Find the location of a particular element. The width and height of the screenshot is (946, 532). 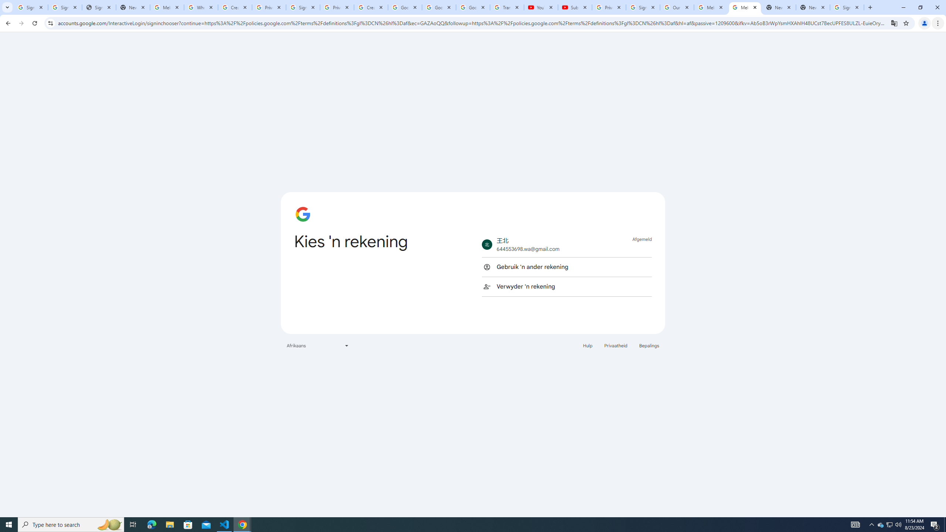

'Bepalings' is located at coordinates (649, 345).